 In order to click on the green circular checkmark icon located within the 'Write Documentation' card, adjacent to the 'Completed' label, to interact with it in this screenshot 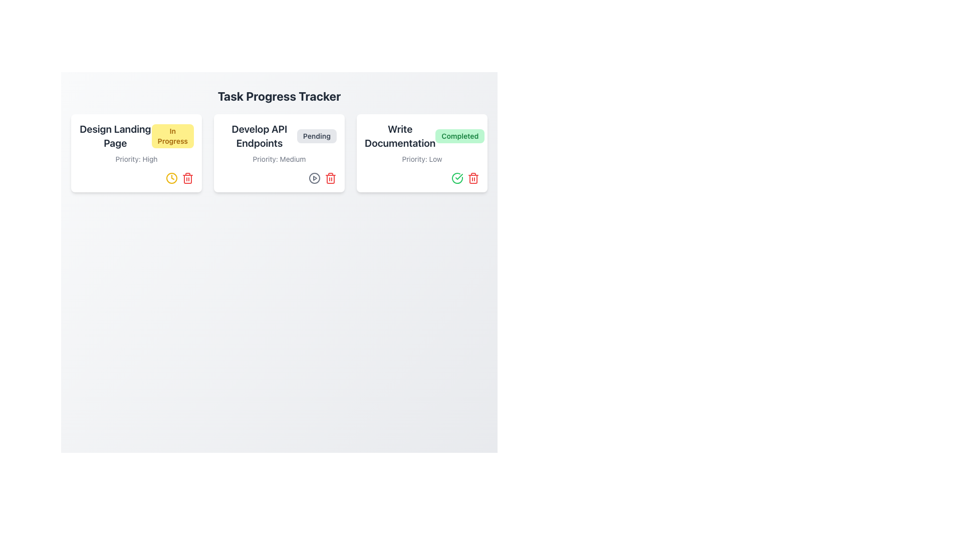, I will do `click(456, 177)`.